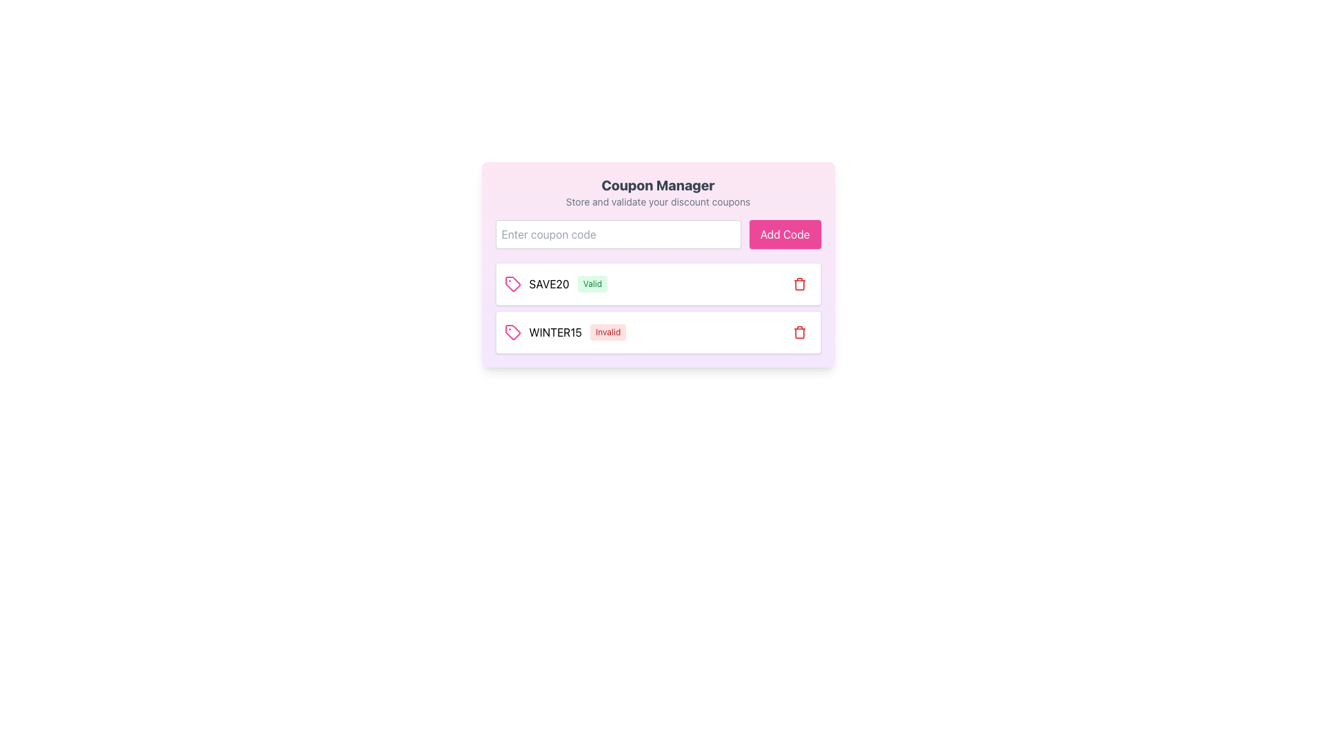  I want to click on the text label 'WINTER15' in the coupon manager interface, which is styled with a clean font and located between a tag icon and an 'Invalid' label, so click(555, 332).